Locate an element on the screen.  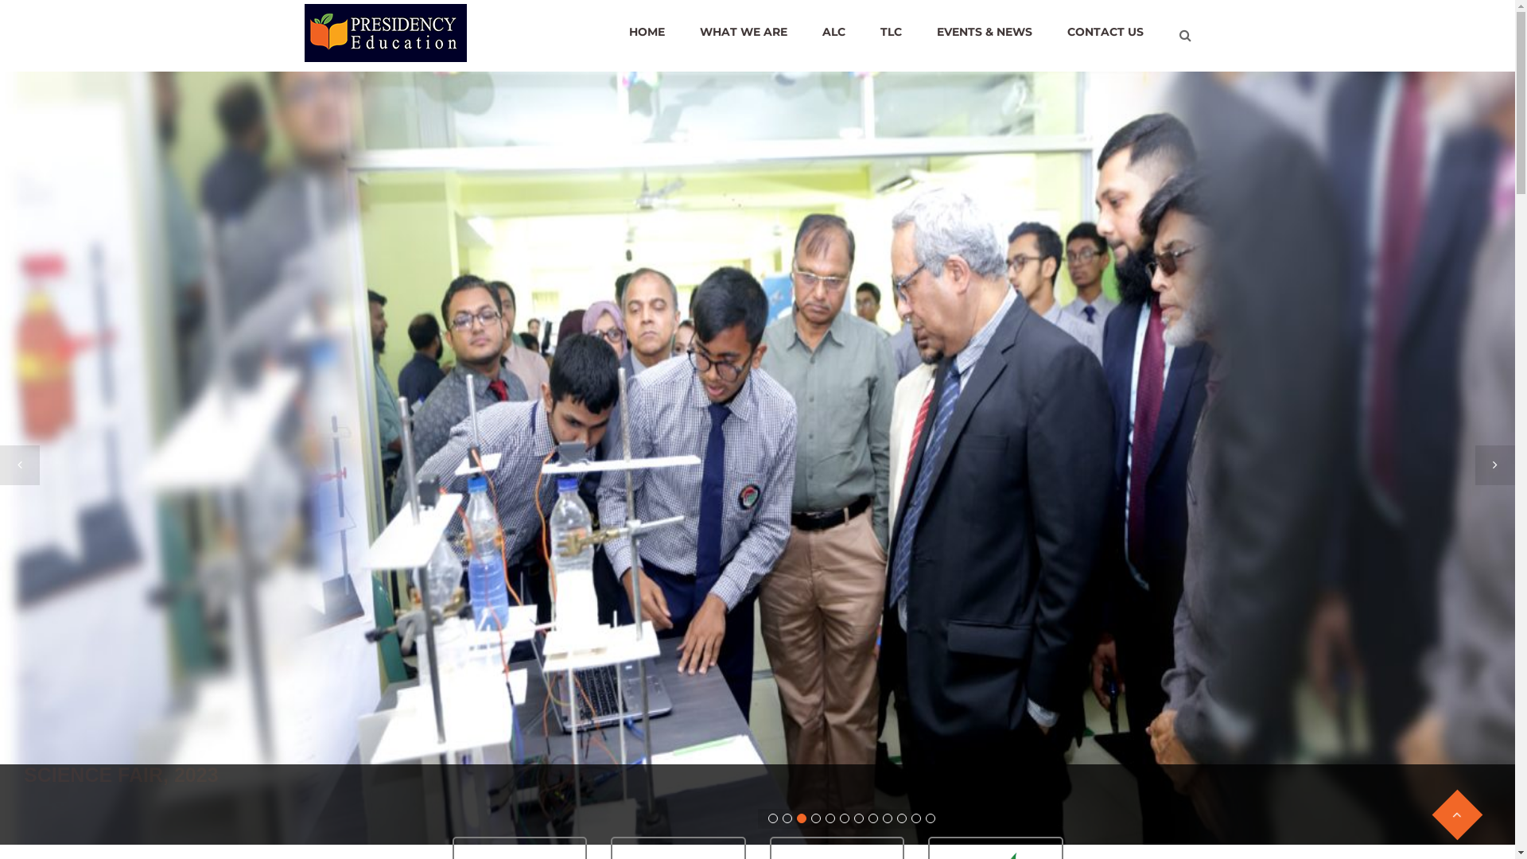
'1' is located at coordinates (773, 818).